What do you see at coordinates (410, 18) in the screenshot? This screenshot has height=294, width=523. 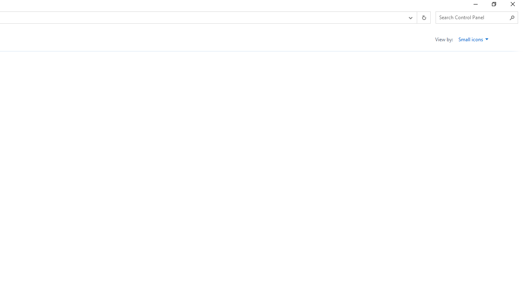 I see `'Previous Locations'` at bounding box center [410, 18].